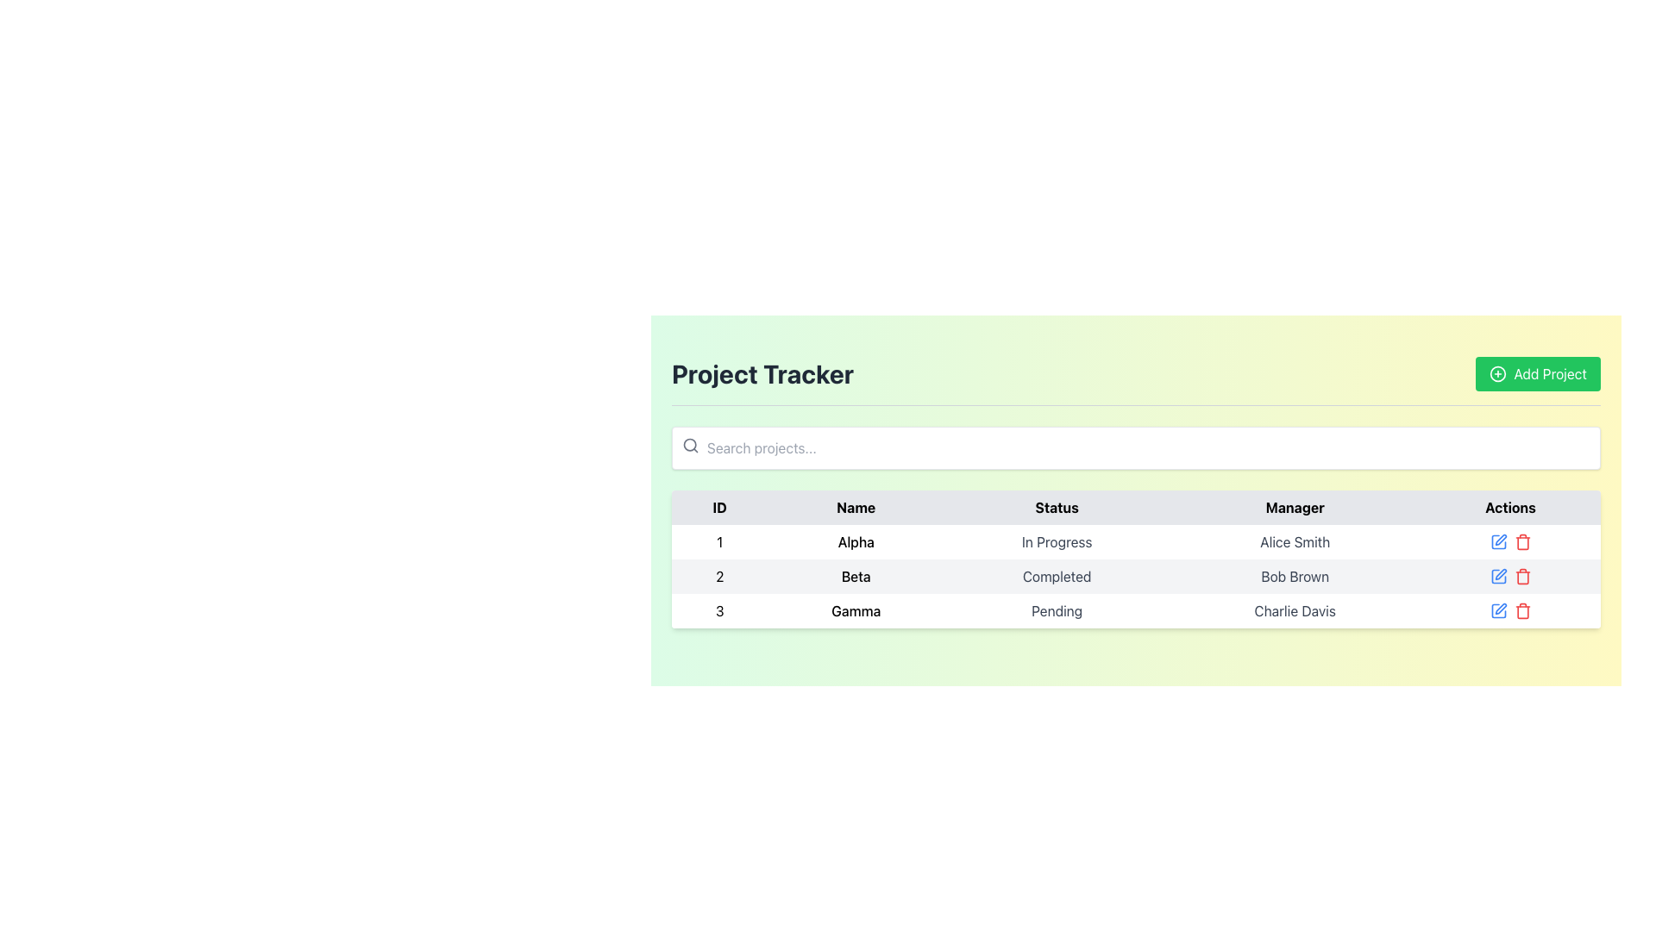 The image size is (1656, 931). What do you see at coordinates (1497, 373) in the screenshot?
I see `the SVG circle that forms the outer circular boundary of the add icon, located at the top right inside the green 'Add Project' button` at bounding box center [1497, 373].